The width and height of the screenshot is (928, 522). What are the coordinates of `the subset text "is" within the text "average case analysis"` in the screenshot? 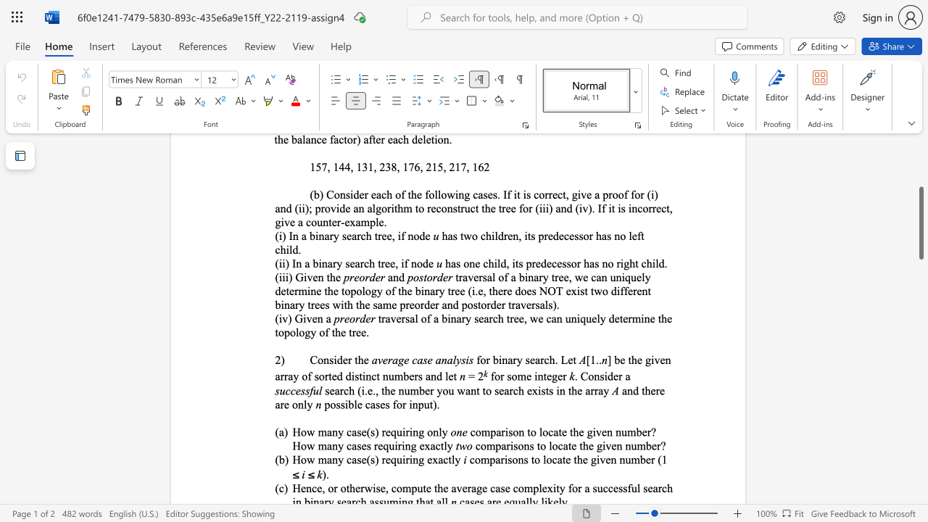 It's located at (465, 359).